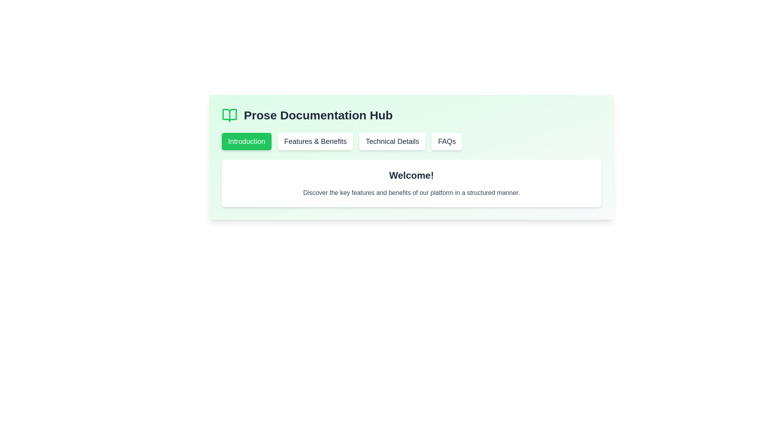 Image resolution: width=759 pixels, height=427 pixels. I want to click on the rounded rectangular green button labeled 'Introduction', so click(246, 141).